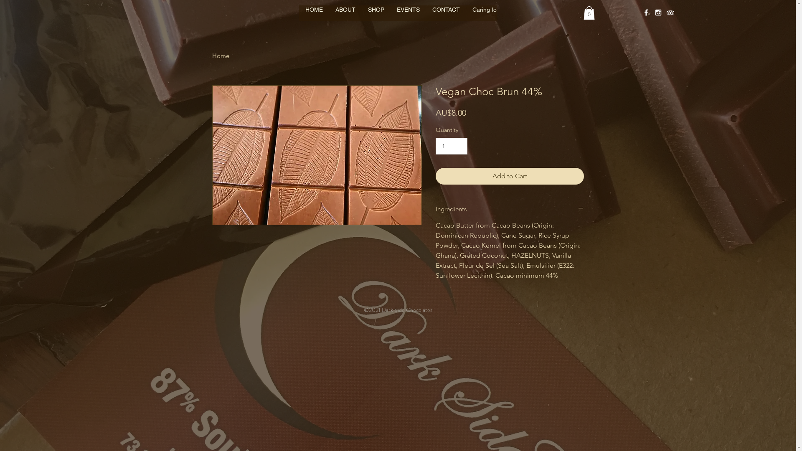 Image resolution: width=802 pixels, height=451 pixels. Describe the element at coordinates (376, 16) in the screenshot. I see `'SHOP'` at that location.